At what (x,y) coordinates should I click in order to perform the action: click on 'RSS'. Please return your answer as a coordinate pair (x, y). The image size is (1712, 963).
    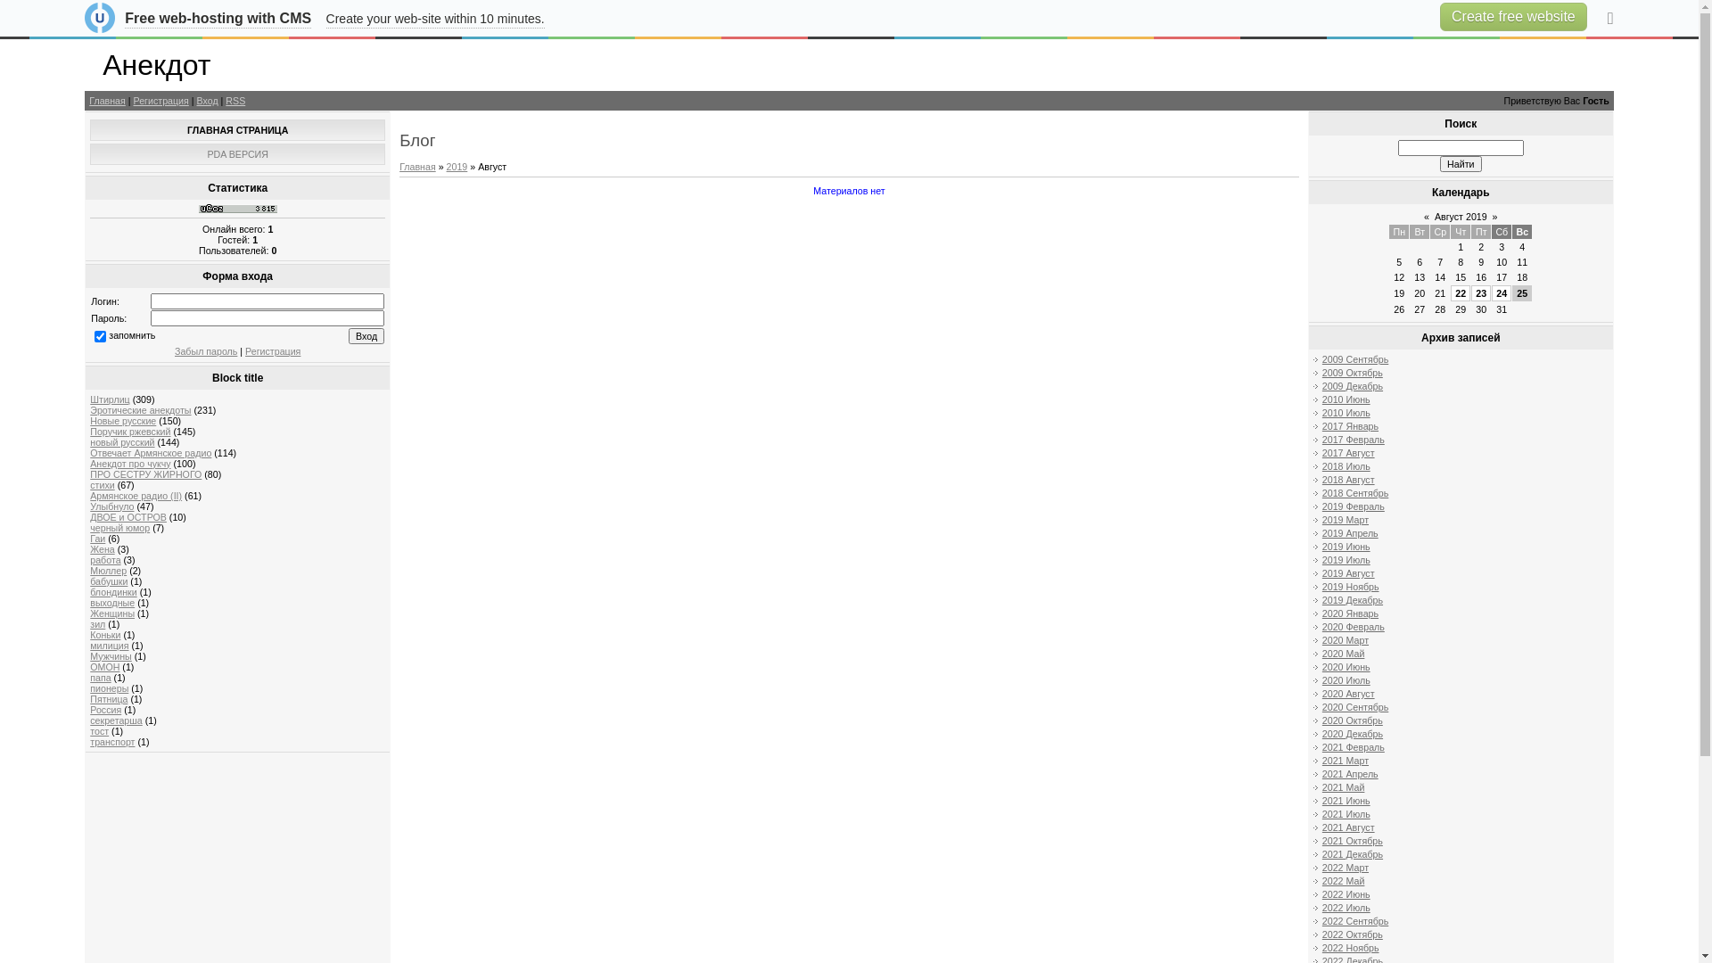
    Looking at the image, I should click on (235, 100).